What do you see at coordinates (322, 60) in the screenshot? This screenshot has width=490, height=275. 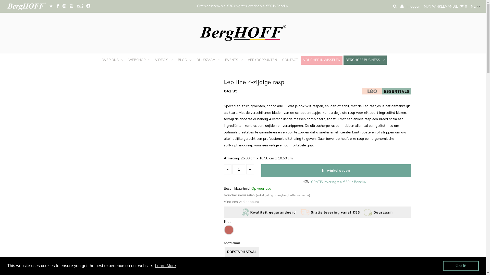 I see `'VOUCHER INWISSELEN'` at bounding box center [322, 60].